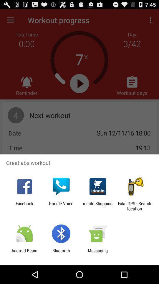 This screenshot has height=284, width=159. I want to click on the google voice icon, so click(61, 206).